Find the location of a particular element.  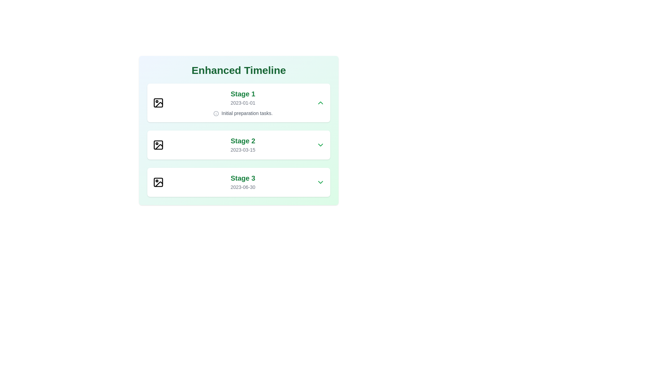

the circular 'i' icon styled in light gray, located to the left of the 'Initial preparation tasks.' text in the first section of the timeline under 'Stage 1' to obtain more information is located at coordinates (215, 113).